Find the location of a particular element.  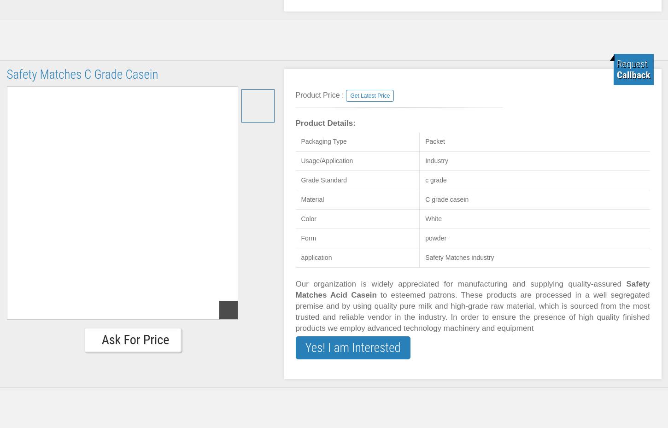

'Packaging Type' is located at coordinates (323, 141).